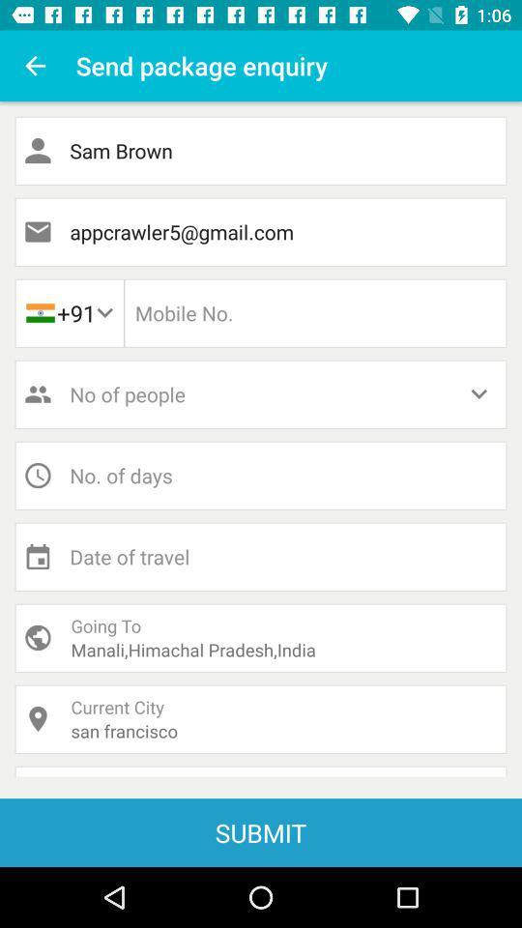 This screenshot has width=522, height=928. What do you see at coordinates (315, 313) in the screenshot?
I see `type phone number` at bounding box center [315, 313].